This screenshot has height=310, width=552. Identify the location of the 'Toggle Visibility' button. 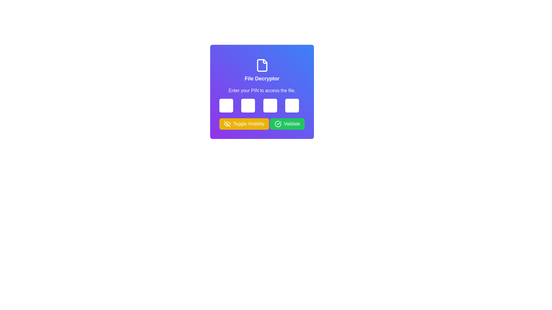
(244, 124).